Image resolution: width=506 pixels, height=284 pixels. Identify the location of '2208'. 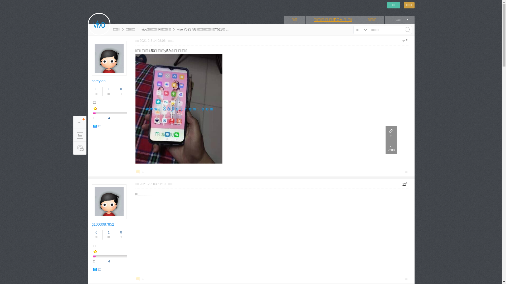
(391, 147).